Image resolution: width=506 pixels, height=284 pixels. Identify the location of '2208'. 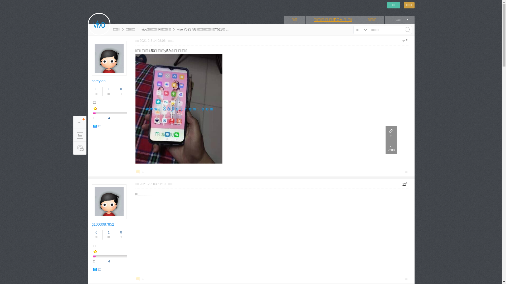
(391, 147).